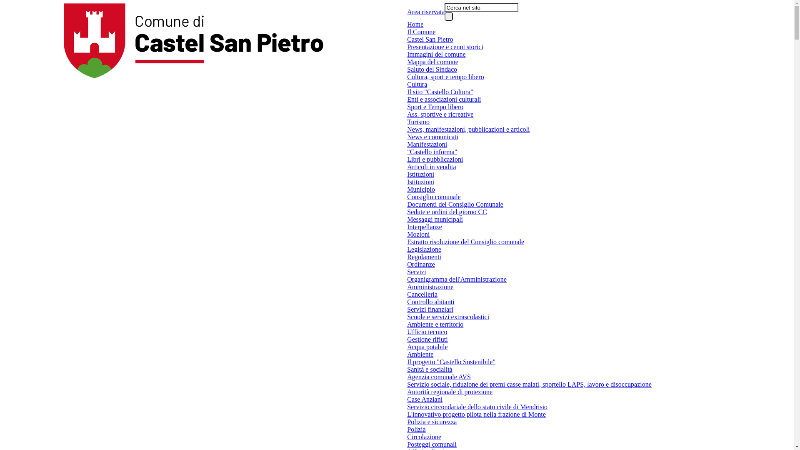  What do you see at coordinates (427, 144) in the screenshot?
I see `'Manifestazioni'` at bounding box center [427, 144].